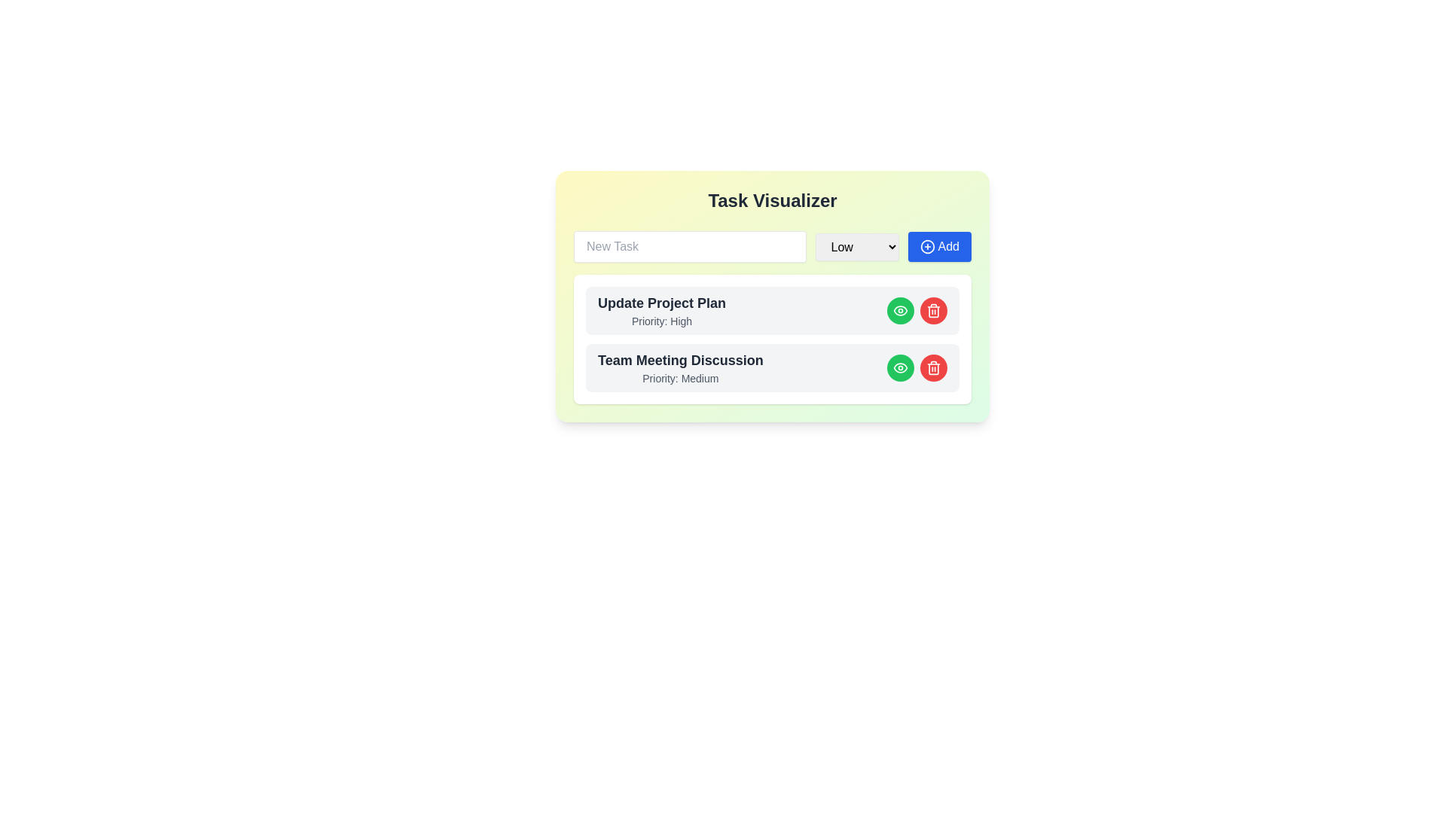 The width and height of the screenshot is (1446, 813). Describe the element at coordinates (900, 368) in the screenshot. I see `the circular green button with a white eye icon indicating a 'view' action, located in the 'Team Meeting Discussion' section, to change its color` at that location.